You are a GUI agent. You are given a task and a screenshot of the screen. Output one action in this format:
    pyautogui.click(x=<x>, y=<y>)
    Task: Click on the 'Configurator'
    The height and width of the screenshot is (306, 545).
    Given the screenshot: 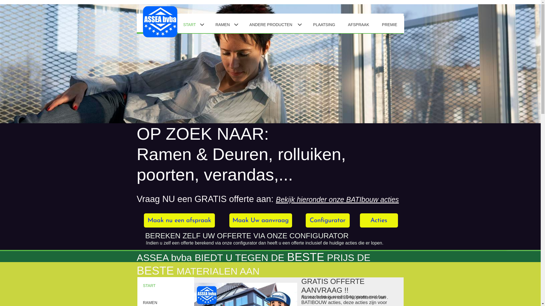 What is the action you would take?
    pyautogui.click(x=327, y=220)
    